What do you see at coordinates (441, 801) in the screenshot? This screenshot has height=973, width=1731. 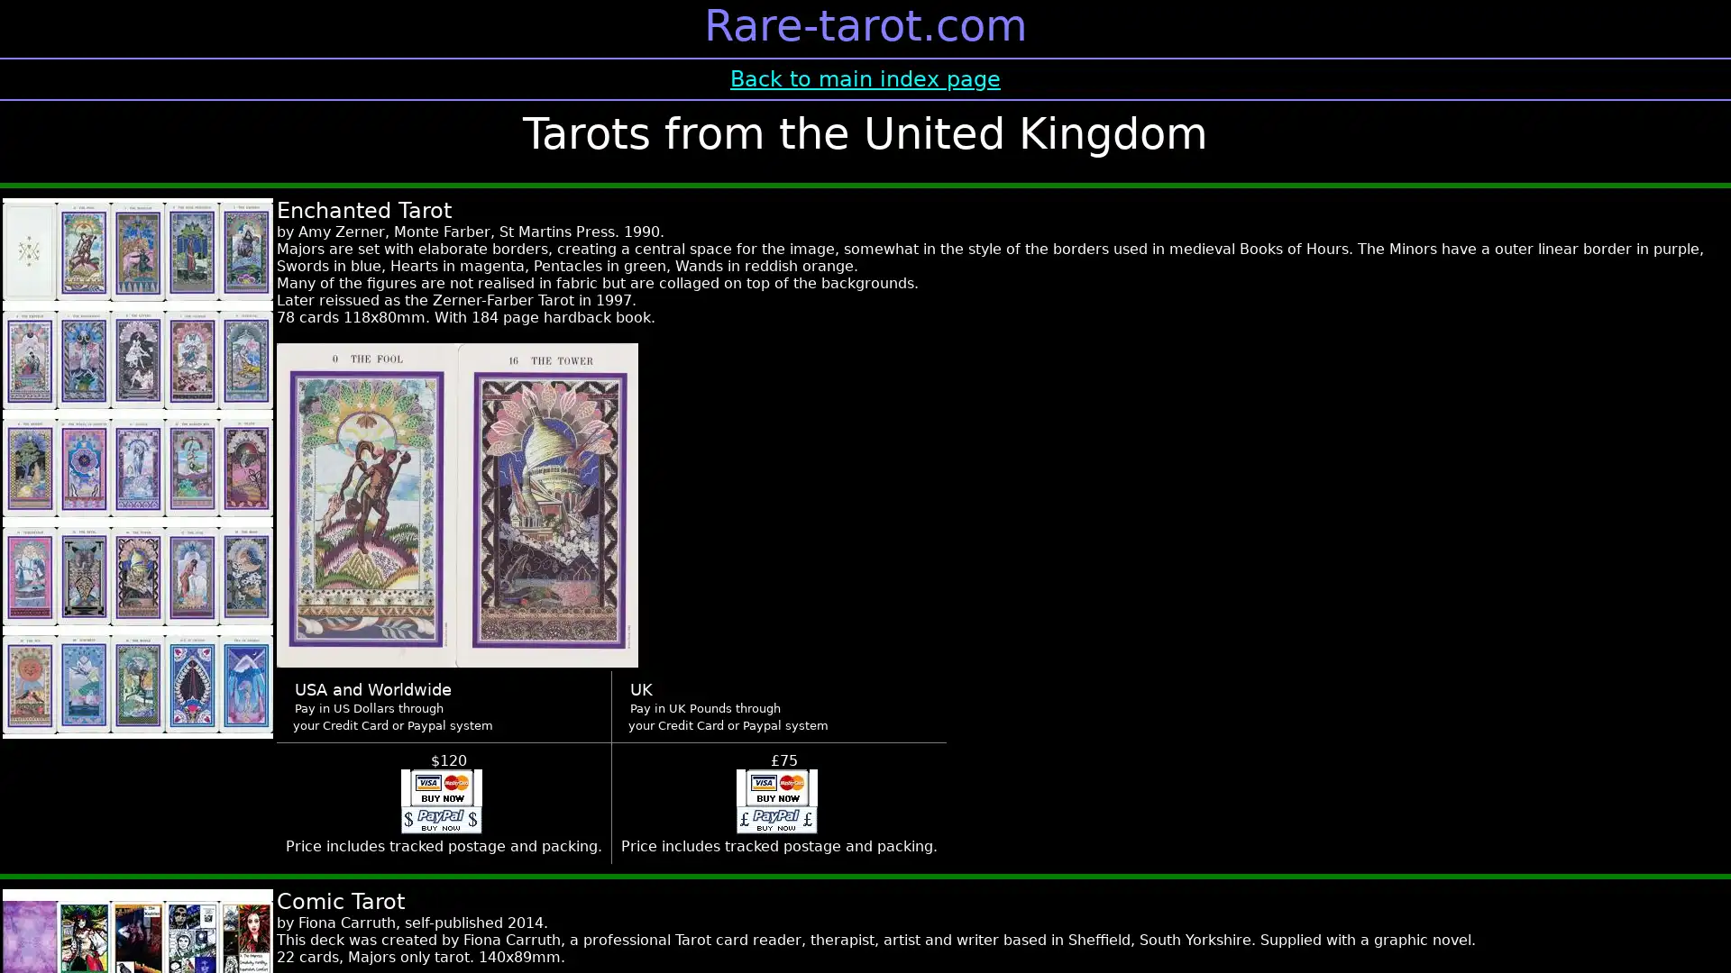 I see `Make payment in US $ using PayPal` at bounding box center [441, 801].